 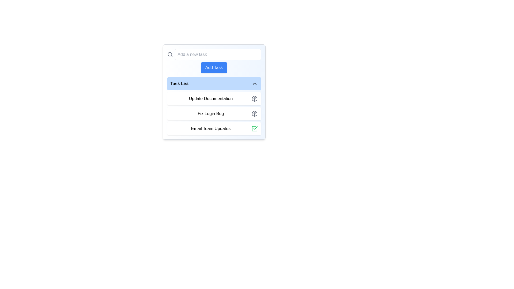 I want to click on the 'Fix Login Bug' text element within the Task List, so click(x=210, y=113).